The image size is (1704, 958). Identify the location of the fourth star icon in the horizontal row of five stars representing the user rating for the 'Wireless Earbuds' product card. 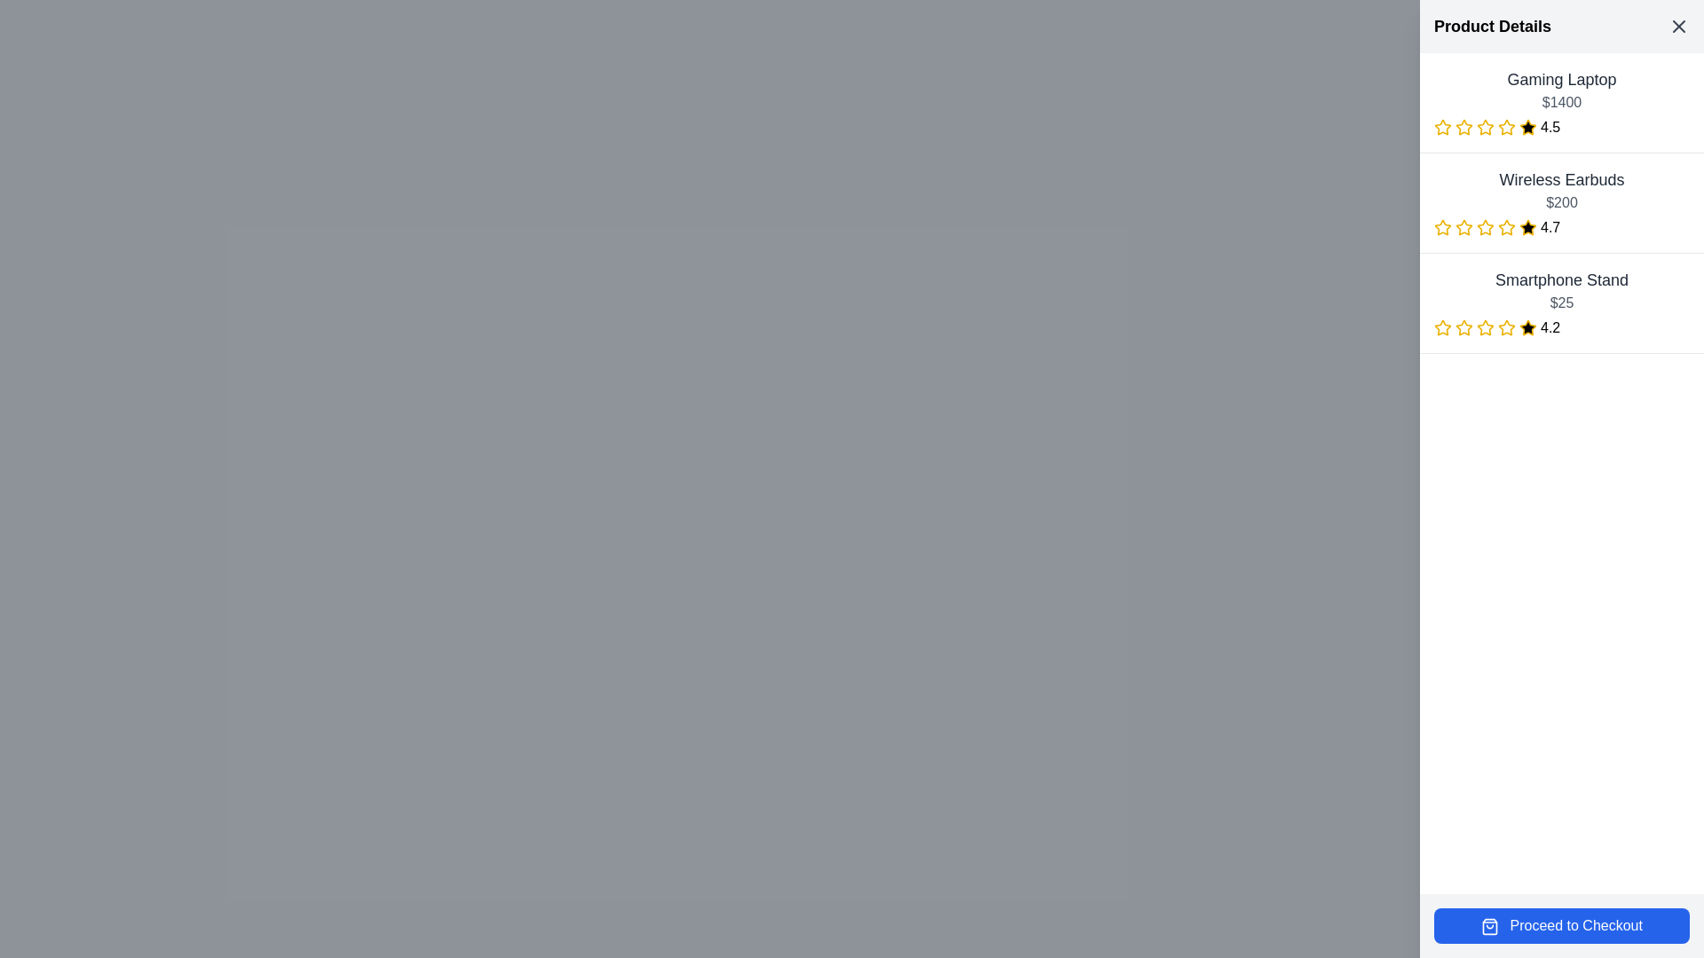
(1506, 226).